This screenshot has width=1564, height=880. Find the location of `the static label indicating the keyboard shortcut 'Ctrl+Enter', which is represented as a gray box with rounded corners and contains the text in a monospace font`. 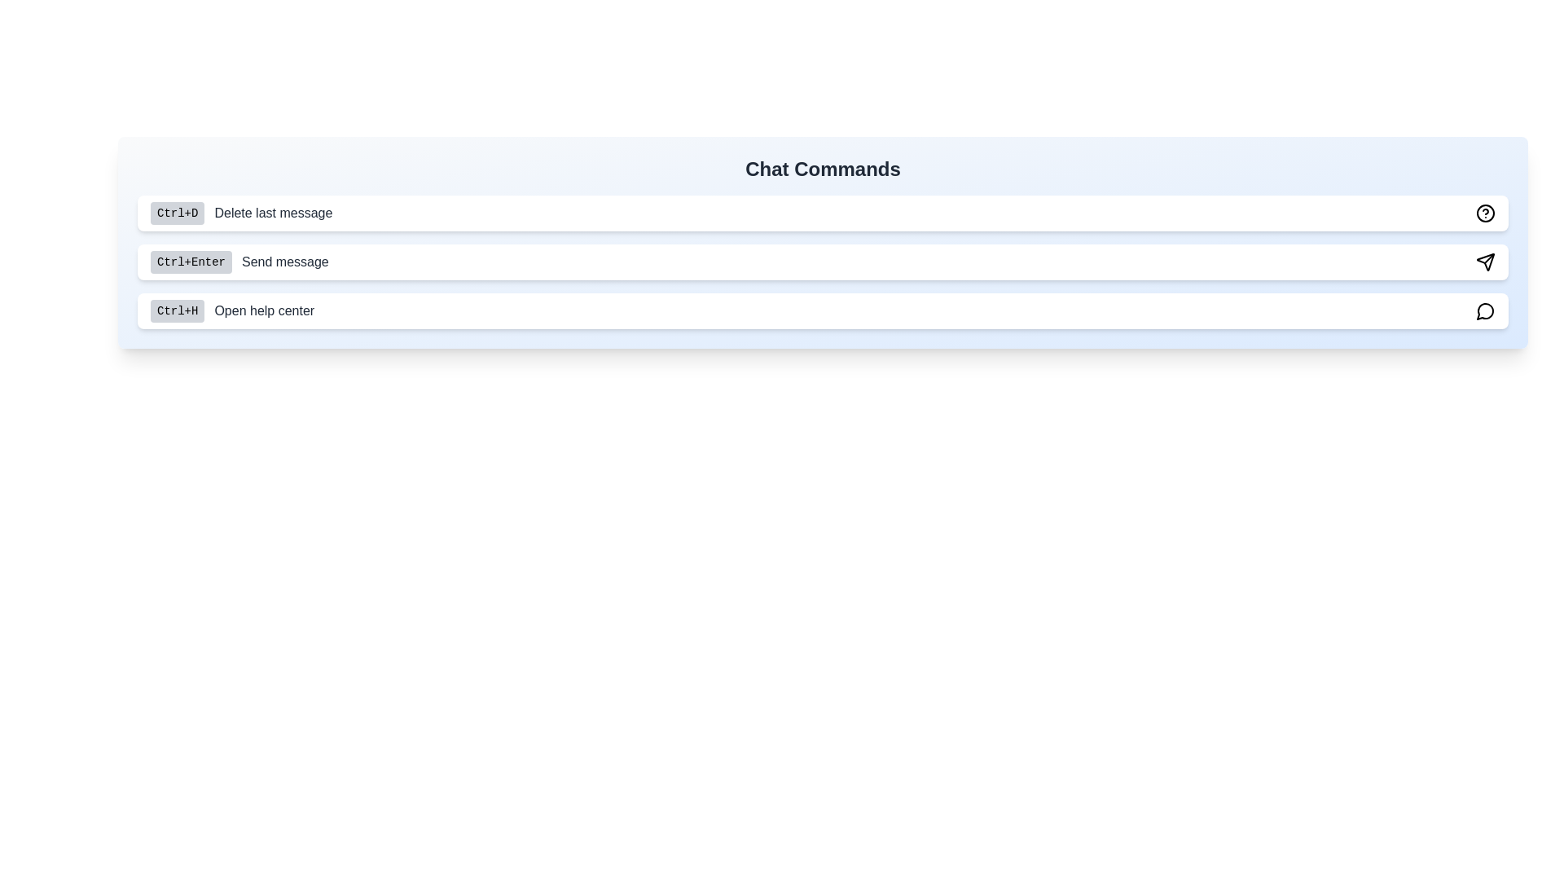

the static label indicating the keyboard shortcut 'Ctrl+Enter', which is represented as a gray box with rounded corners and contains the text in a monospace font is located at coordinates (191, 261).